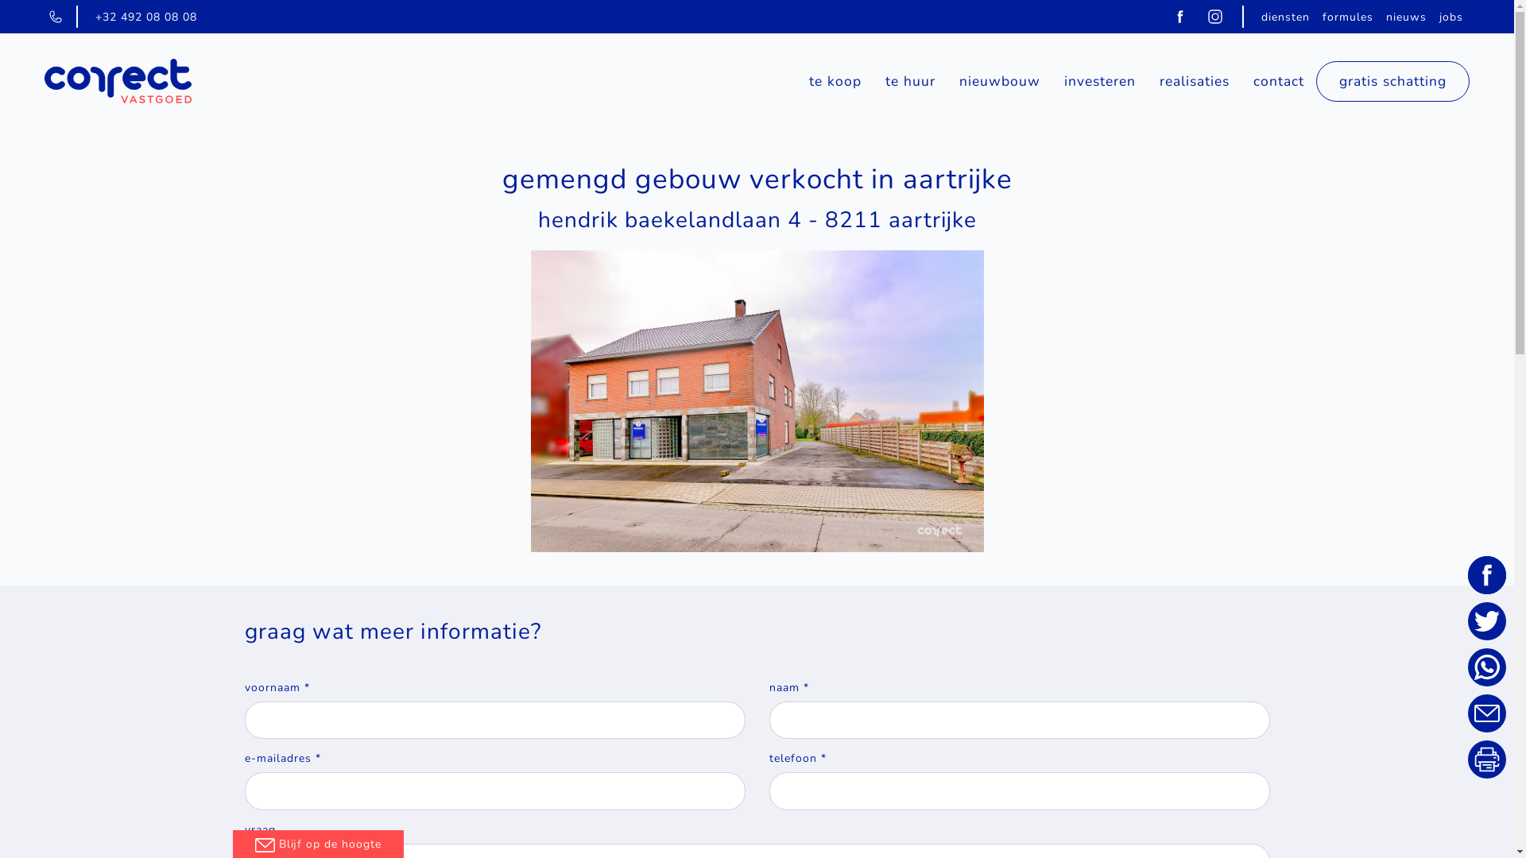 This screenshot has width=1526, height=858. Describe the element at coordinates (1406, 16) in the screenshot. I see `'nieuws'` at that location.